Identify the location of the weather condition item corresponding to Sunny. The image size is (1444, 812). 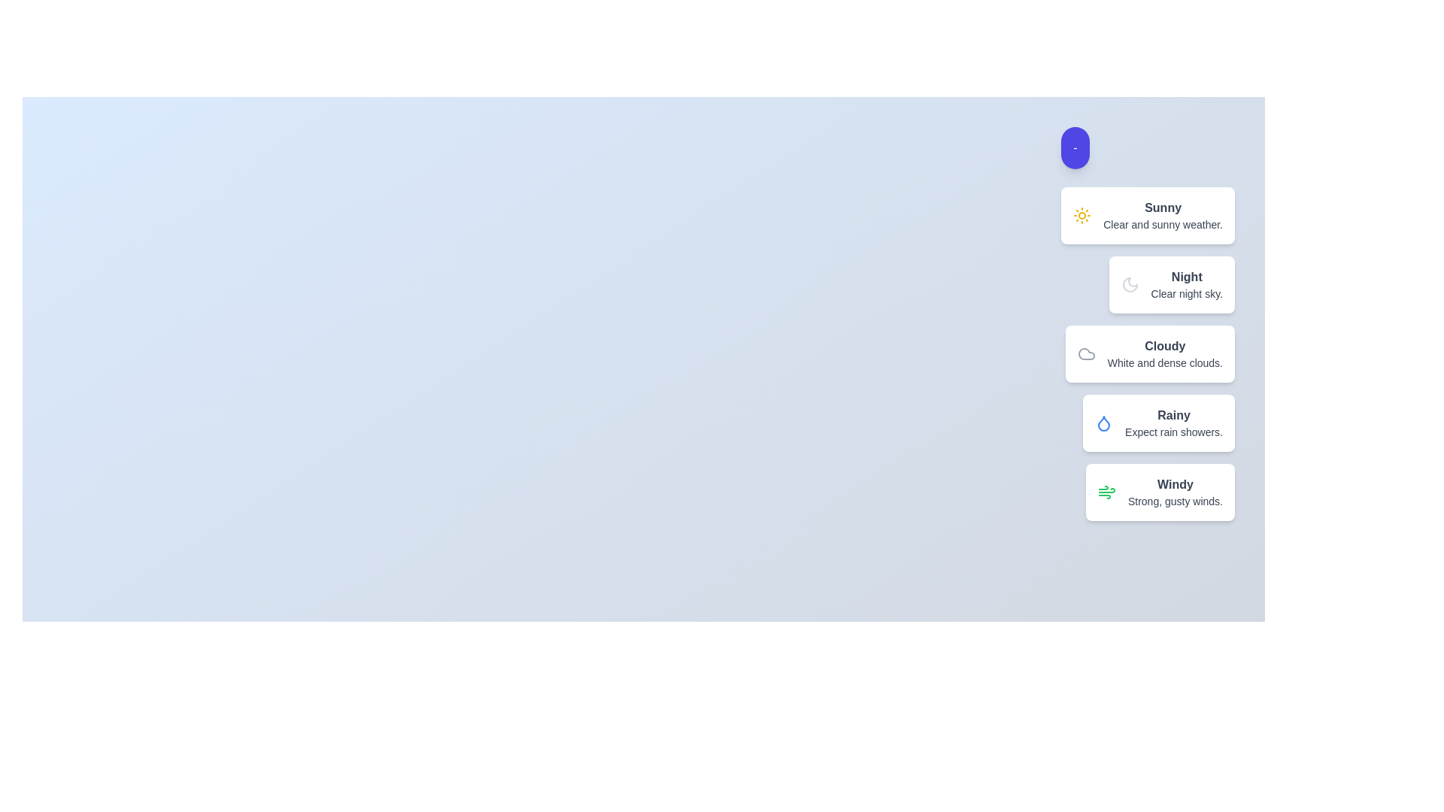
(1147, 215).